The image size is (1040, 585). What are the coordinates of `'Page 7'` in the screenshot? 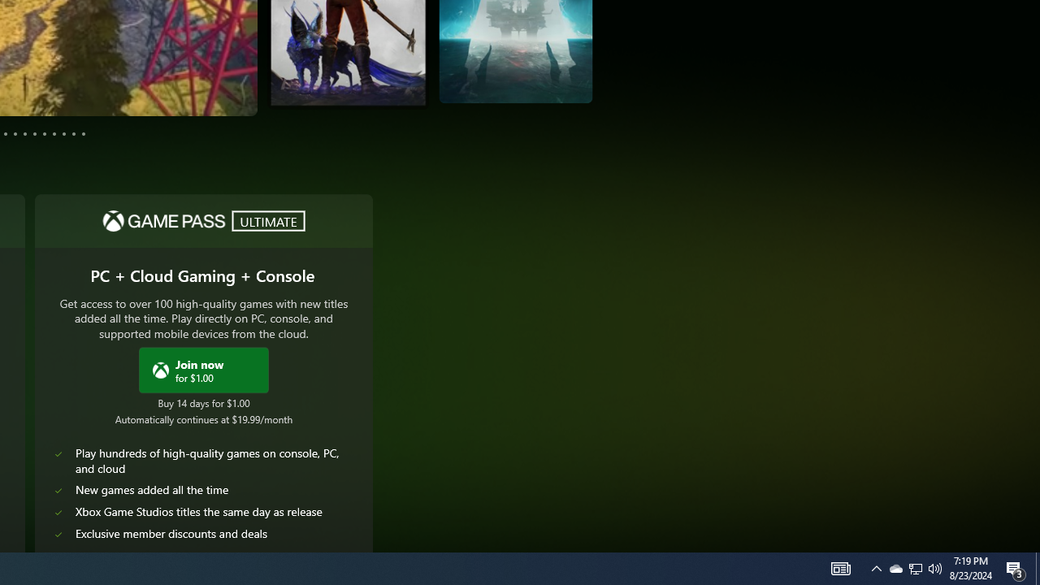 It's located at (34, 132).